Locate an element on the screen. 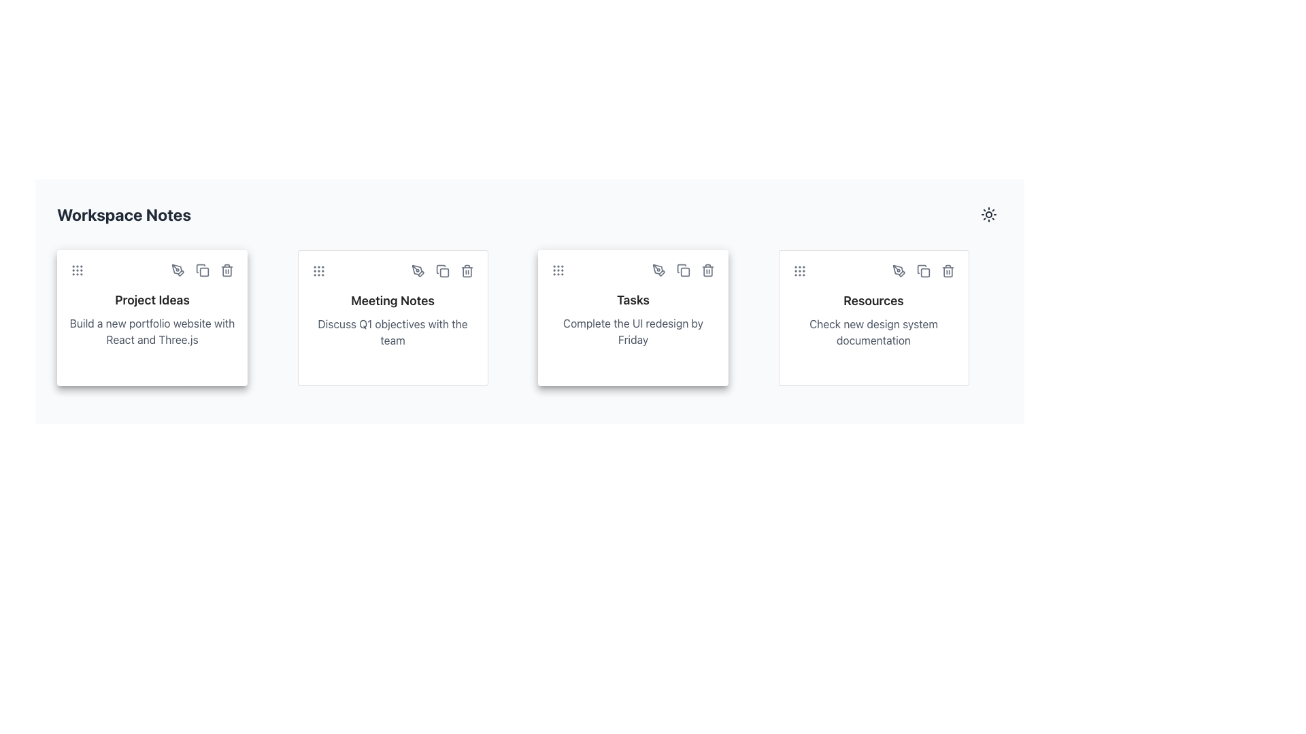  the delete icon button located at the top-right corner of the 'Resources' card is located at coordinates (947, 270).